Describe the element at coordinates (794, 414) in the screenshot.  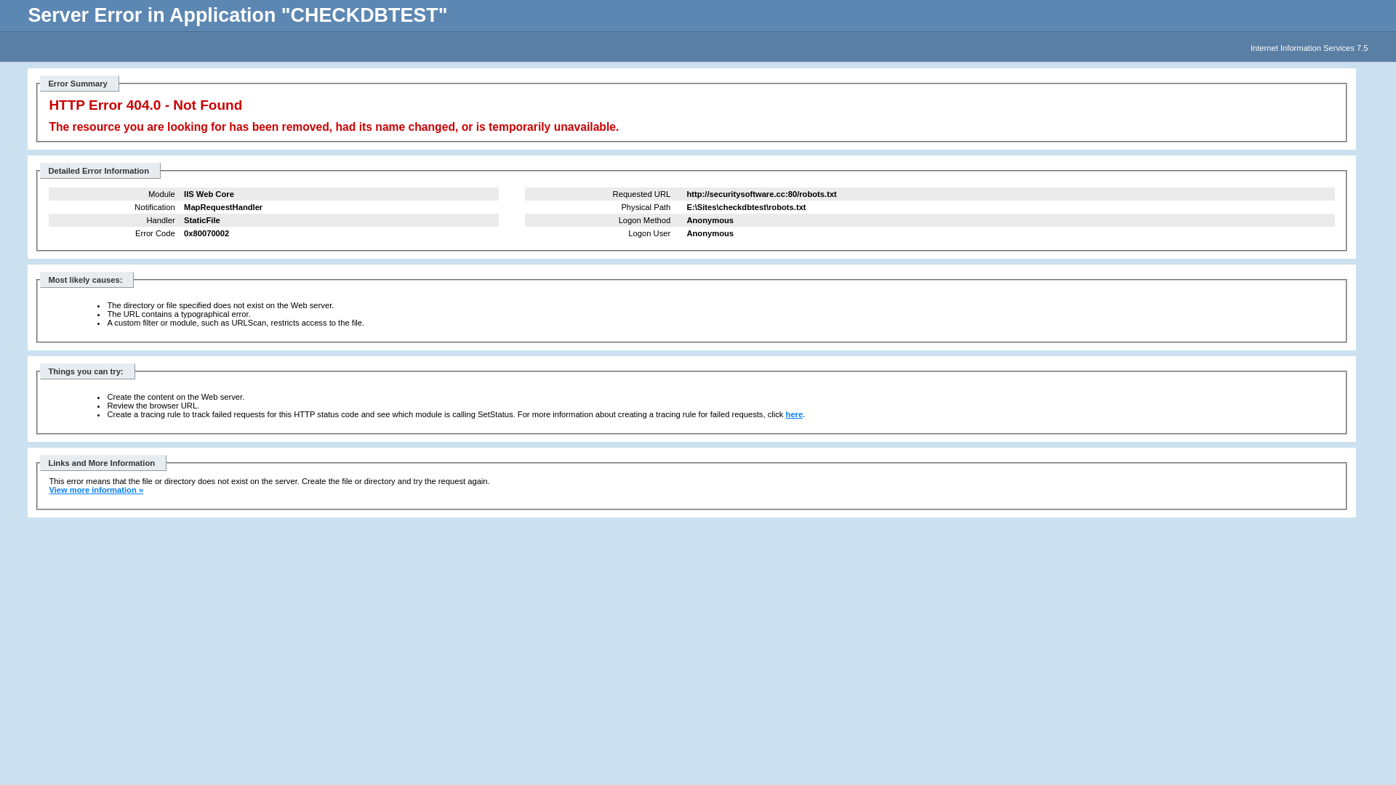
I see `'here'` at that location.